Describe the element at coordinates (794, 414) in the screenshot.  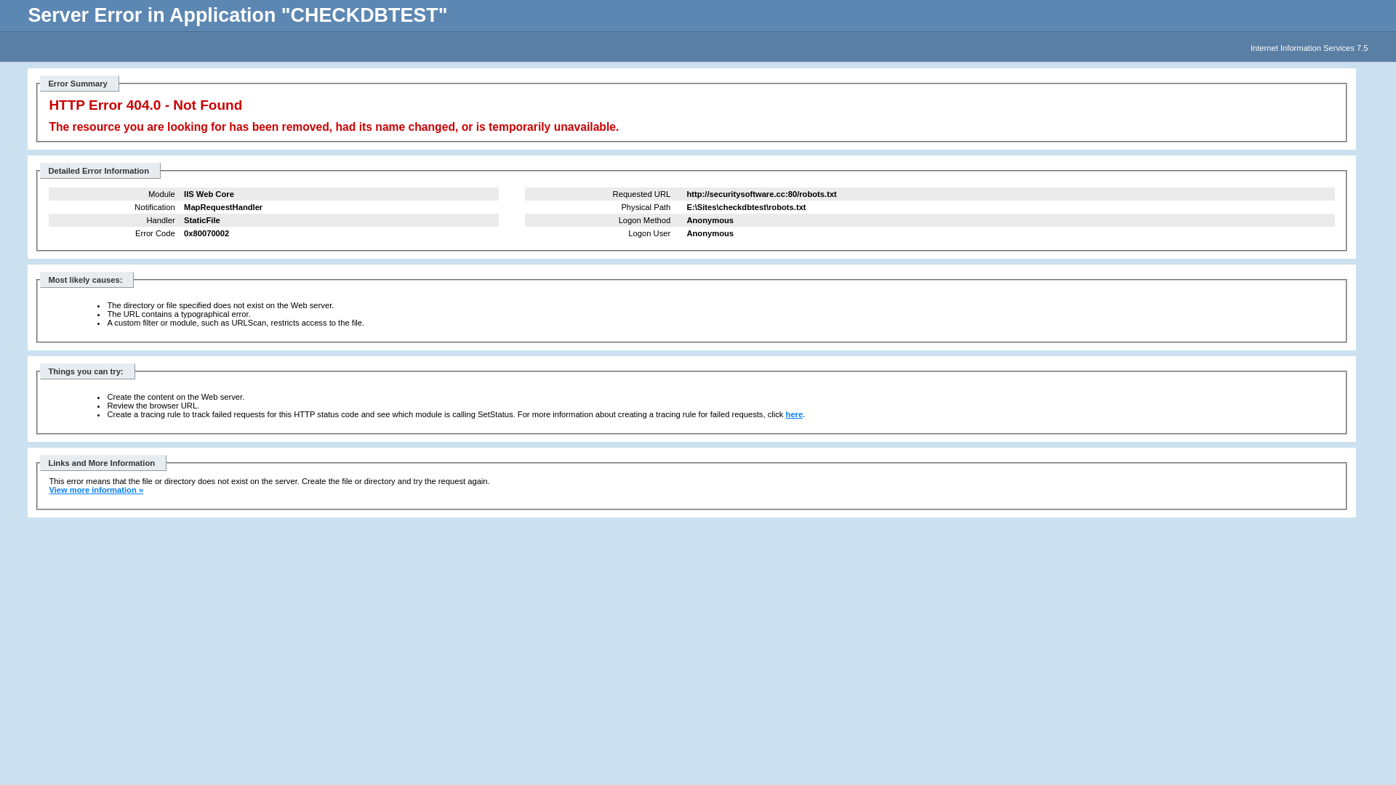
I see `'here'` at that location.